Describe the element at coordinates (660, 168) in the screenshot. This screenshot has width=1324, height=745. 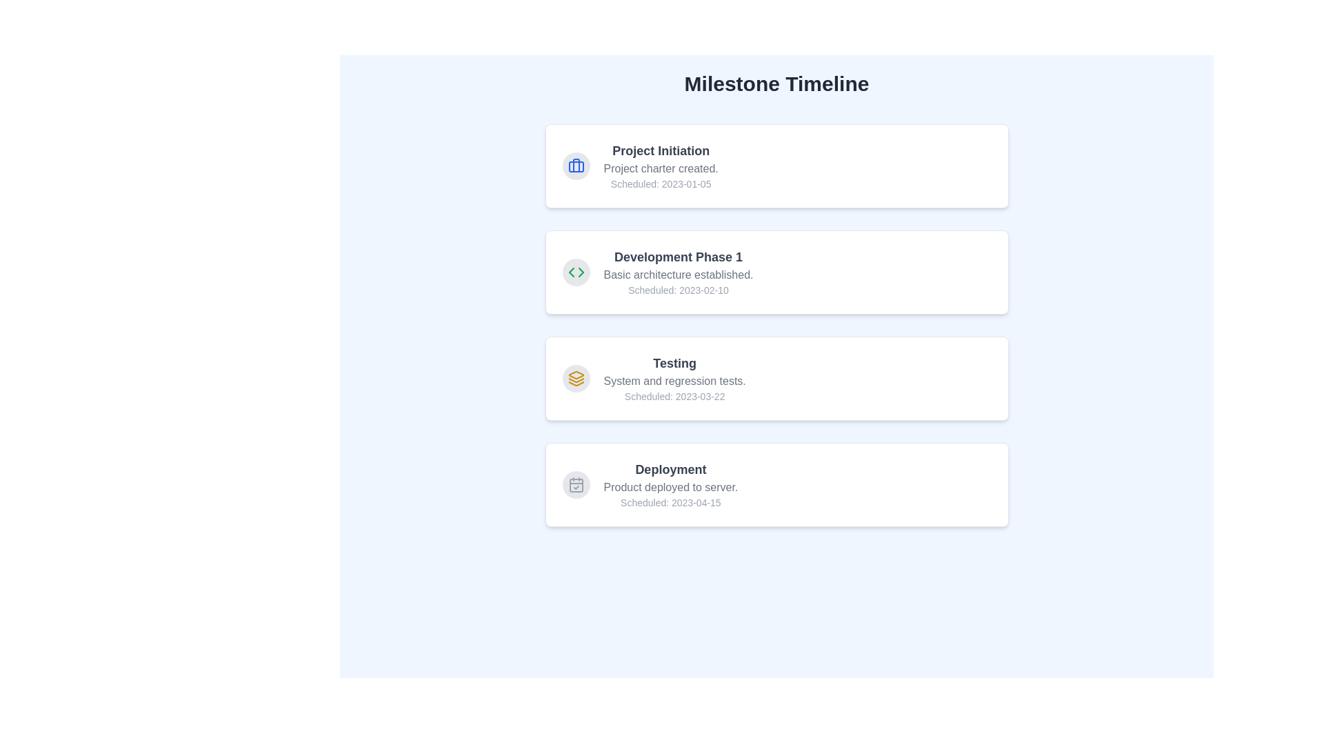
I see `the text label that reads 'Project charter created.' which is located beneath the header 'Project Initiation' within the topmost card layout` at that location.